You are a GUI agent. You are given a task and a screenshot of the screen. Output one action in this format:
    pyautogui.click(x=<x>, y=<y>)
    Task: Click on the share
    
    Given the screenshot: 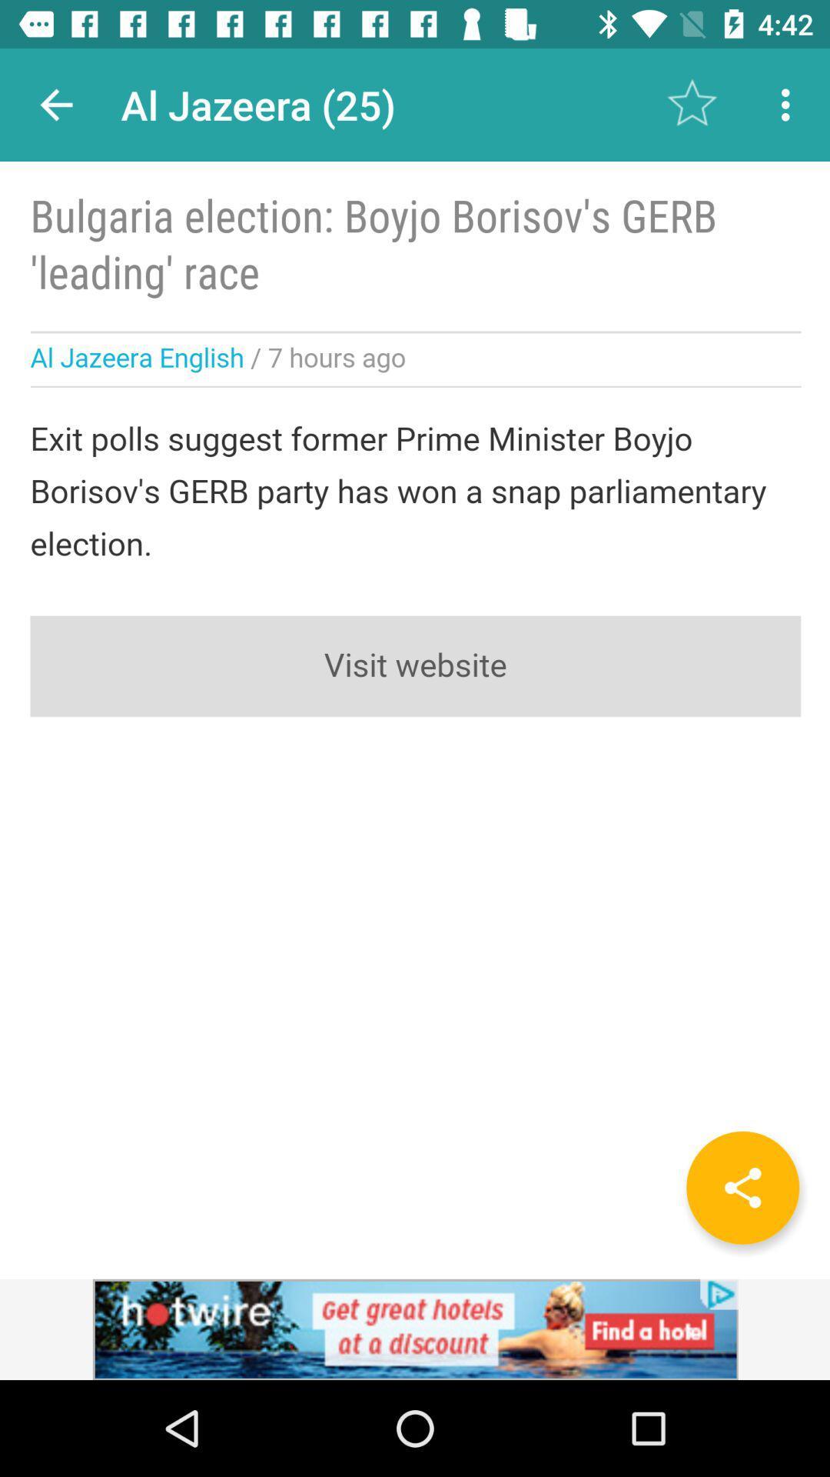 What is the action you would take?
    pyautogui.click(x=742, y=1187)
    